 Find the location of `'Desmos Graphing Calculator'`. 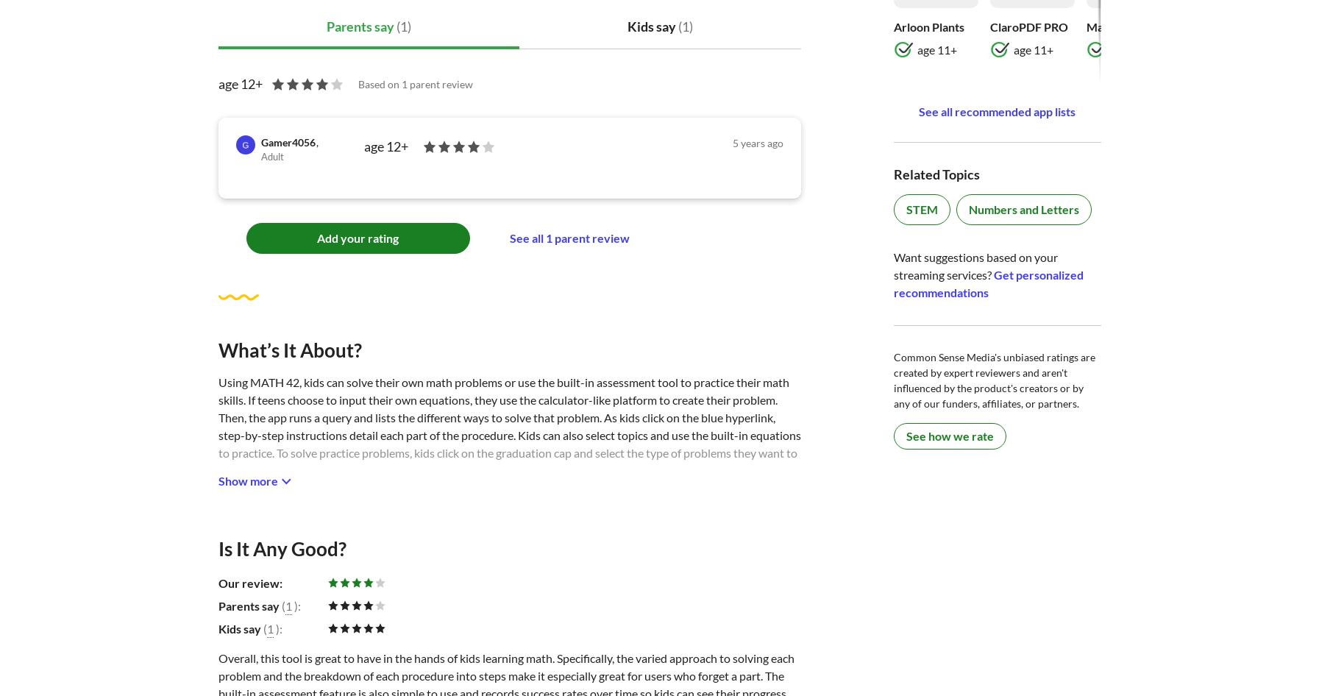

'Desmos Graphing Calculator' is located at coordinates (871, 26).